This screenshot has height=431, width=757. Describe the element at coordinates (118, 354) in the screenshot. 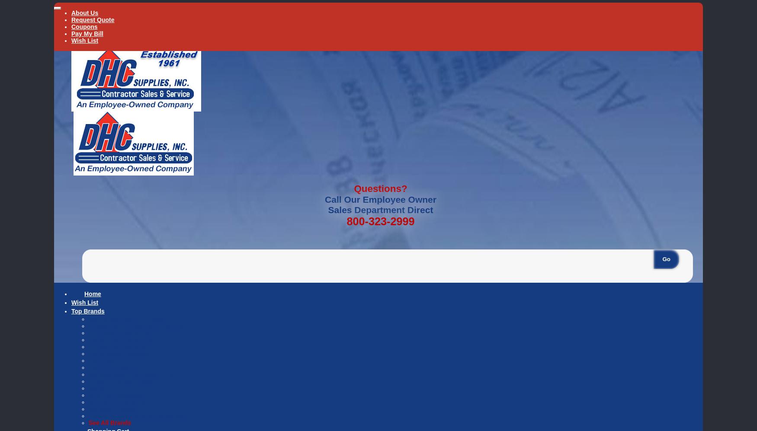

I see `'Edge Safety Eyewear'` at that location.